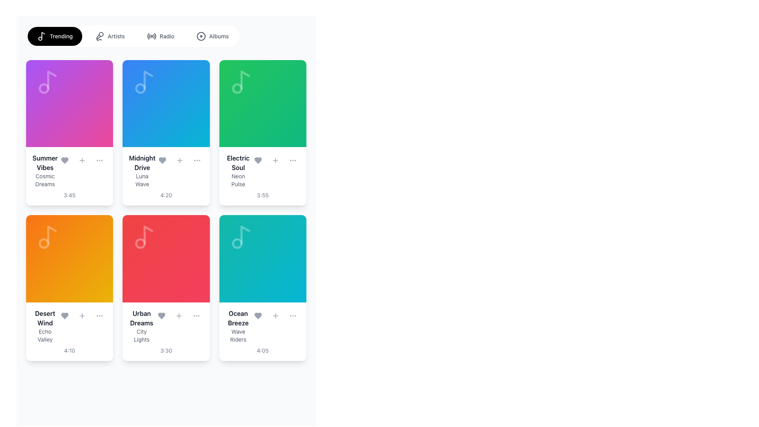 The width and height of the screenshot is (759, 427). I want to click on the title text element of the third card in the first row, which represents a music track or collection, so click(238, 162).